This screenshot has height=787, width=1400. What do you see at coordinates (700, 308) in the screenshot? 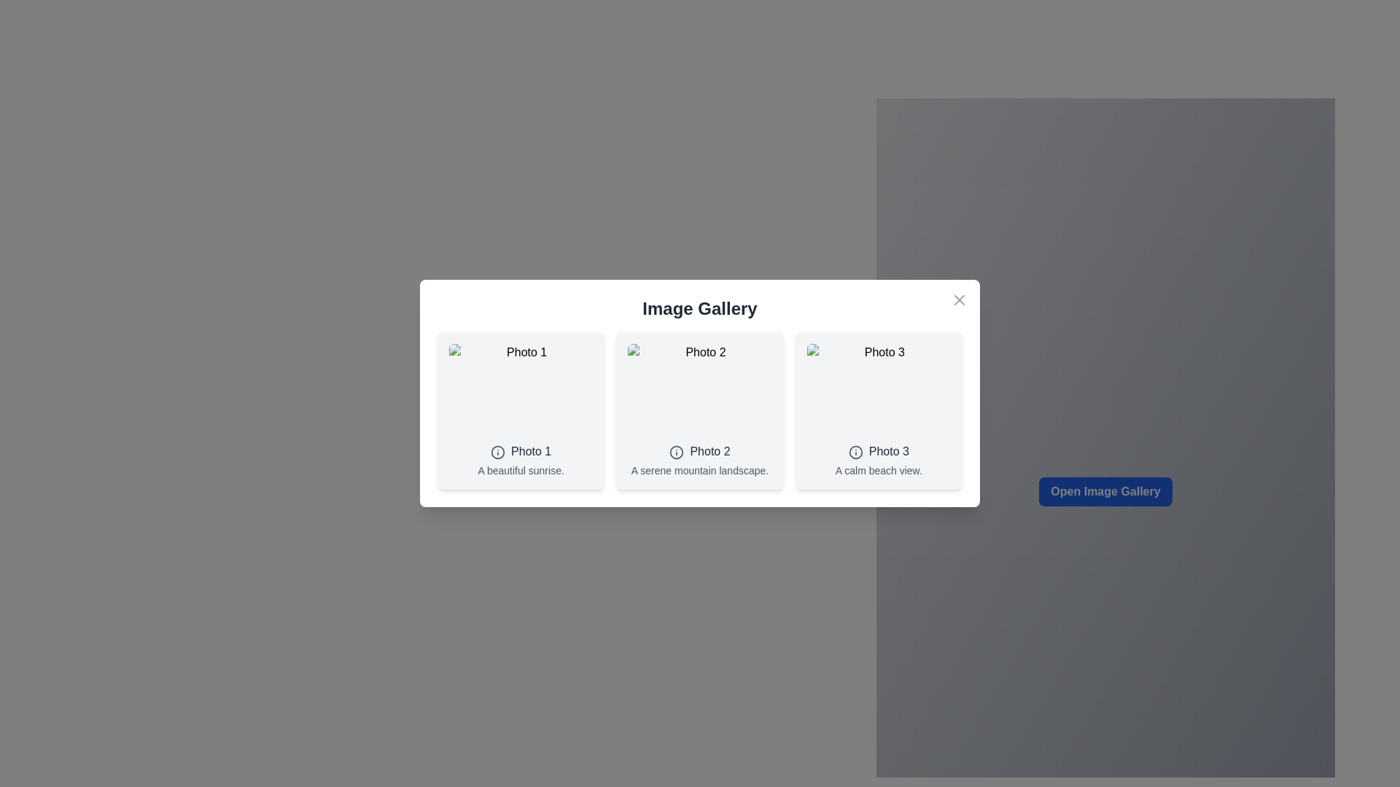
I see `title of the text label that says 'Image Gallery', which is displayed prominently at the top center of a white card interface` at bounding box center [700, 308].